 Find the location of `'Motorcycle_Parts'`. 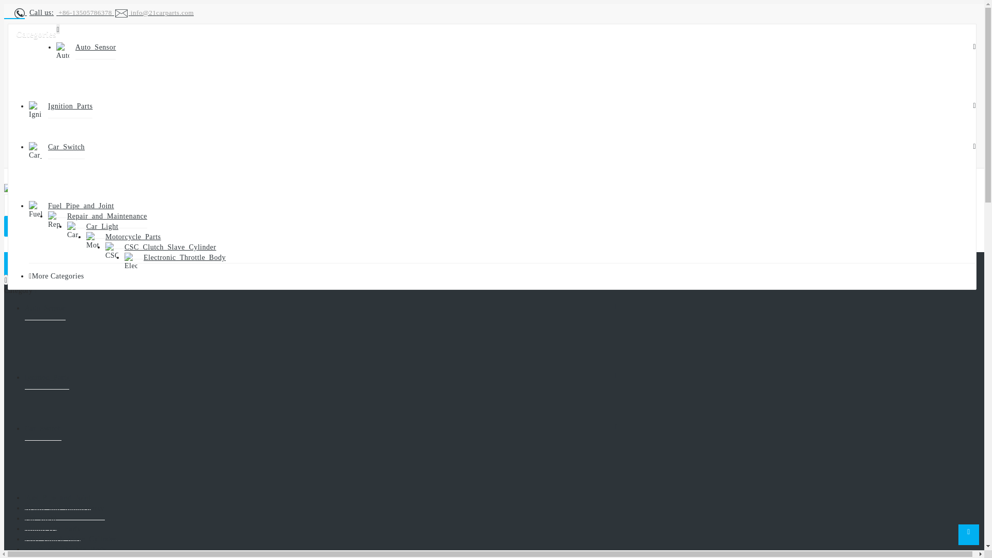

'Motorcycle_Parts' is located at coordinates (52, 529).